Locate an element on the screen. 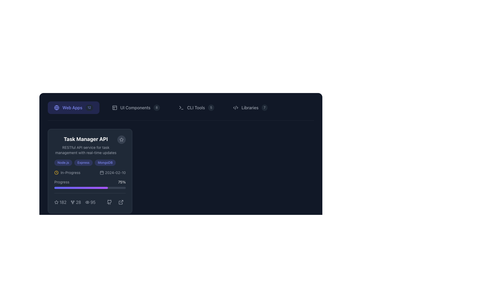 This screenshot has height=283, width=504. the external link icon styled as an arrow pointing outwards from a square, located in the bottom-right corner of the 'Task Manager API' card is located at coordinates (120, 202).